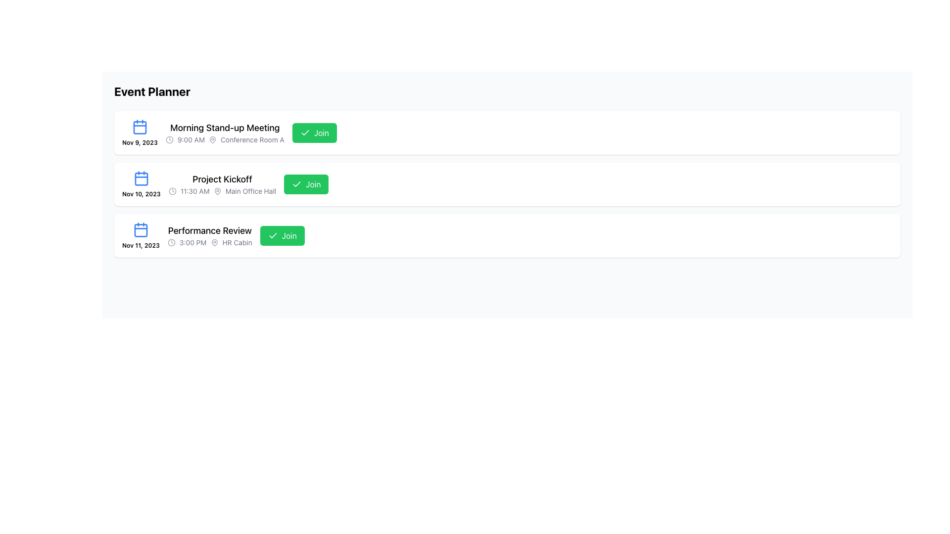 The width and height of the screenshot is (950, 534). Describe the element at coordinates (209, 230) in the screenshot. I see `the informational text label displaying the title or name of the event scheduled for November 11, 2023, which is located above the time and location details` at that location.